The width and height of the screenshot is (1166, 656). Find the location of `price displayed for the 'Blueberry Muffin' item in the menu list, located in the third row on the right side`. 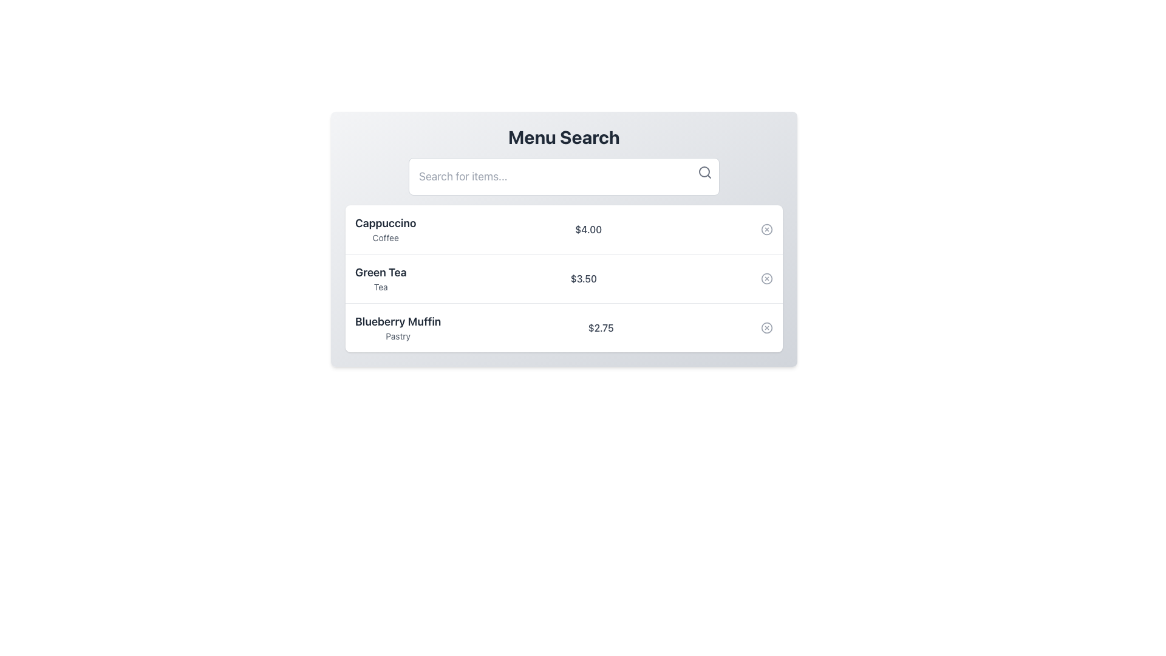

price displayed for the 'Blueberry Muffin' item in the menu list, located in the third row on the right side is located at coordinates (601, 328).